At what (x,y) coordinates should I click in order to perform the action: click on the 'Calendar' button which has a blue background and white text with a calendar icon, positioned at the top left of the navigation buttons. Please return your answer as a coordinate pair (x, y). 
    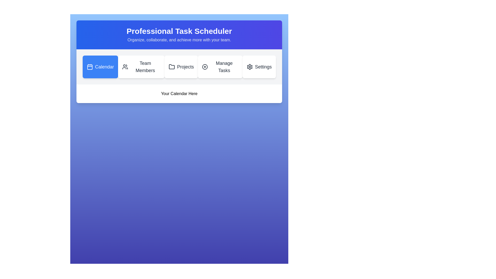
    Looking at the image, I should click on (100, 66).